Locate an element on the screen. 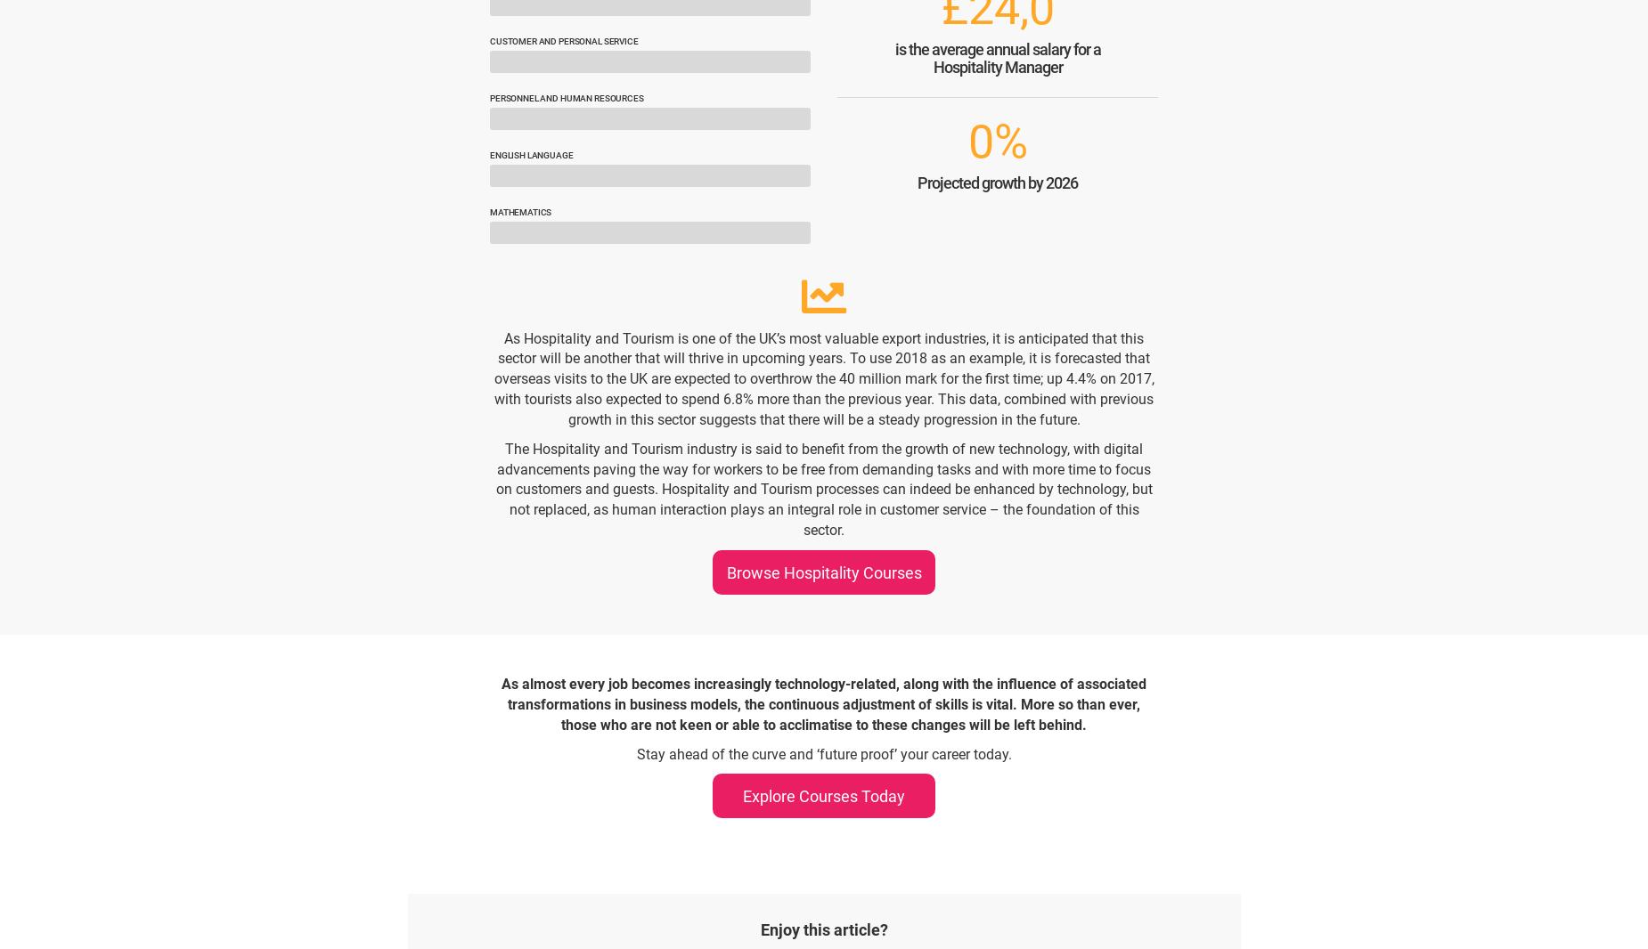 Image resolution: width=1648 pixels, height=949 pixels. '%' is located at coordinates (1009, 141).